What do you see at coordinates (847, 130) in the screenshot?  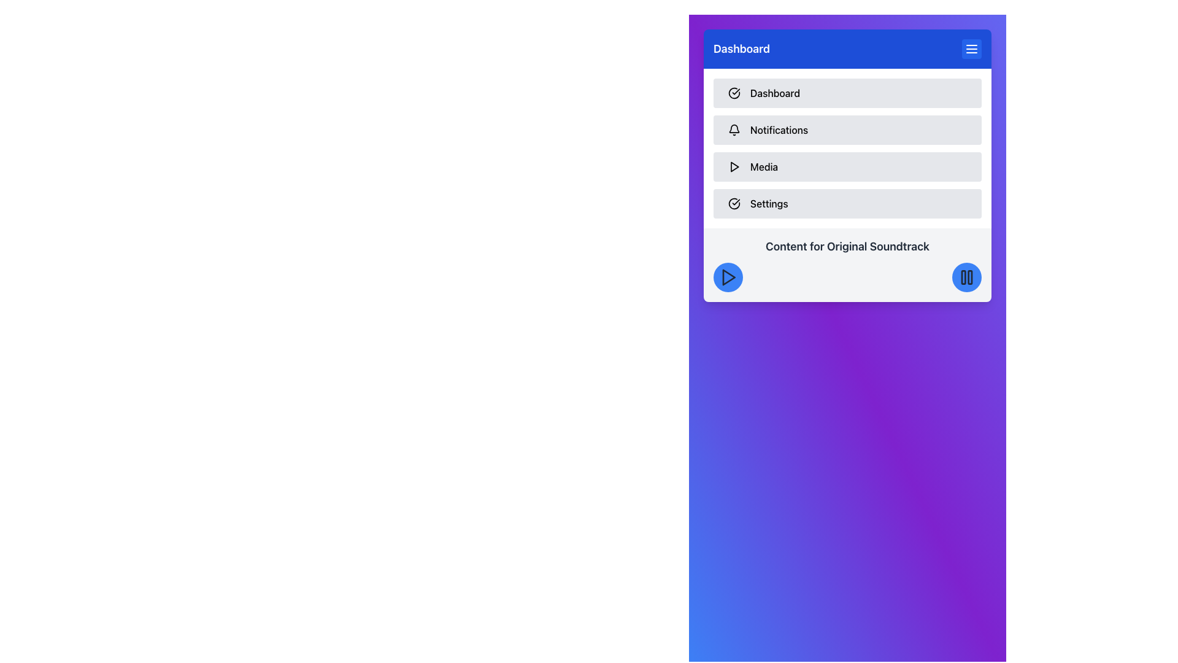 I see `the 'Notifications' button located below the 'Dashboard' button and above the 'Media' button` at bounding box center [847, 130].